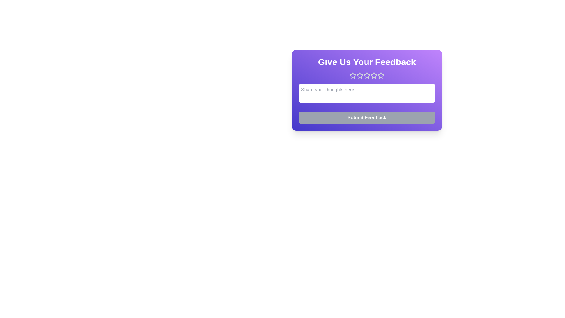 This screenshot has height=318, width=565. I want to click on the star corresponding to the rating 4 to set the feedback score, so click(374, 75).